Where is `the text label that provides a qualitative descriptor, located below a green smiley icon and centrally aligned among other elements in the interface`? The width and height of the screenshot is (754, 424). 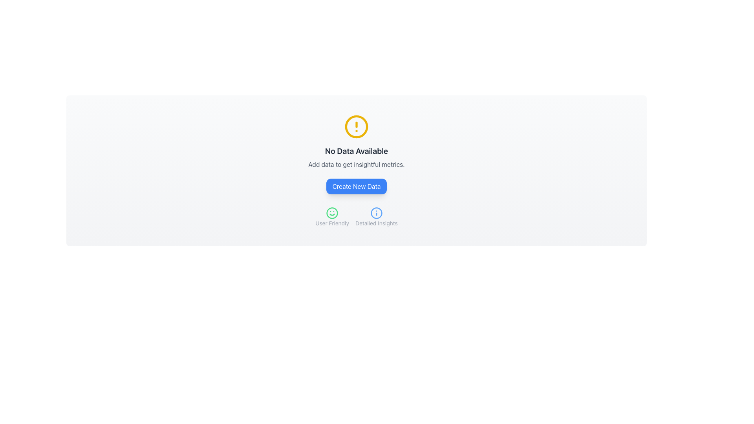
the text label that provides a qualitative descriptor, located below a green smiley icon and centrally aligned among other elements in the interface is located at coordinates (332, 223).